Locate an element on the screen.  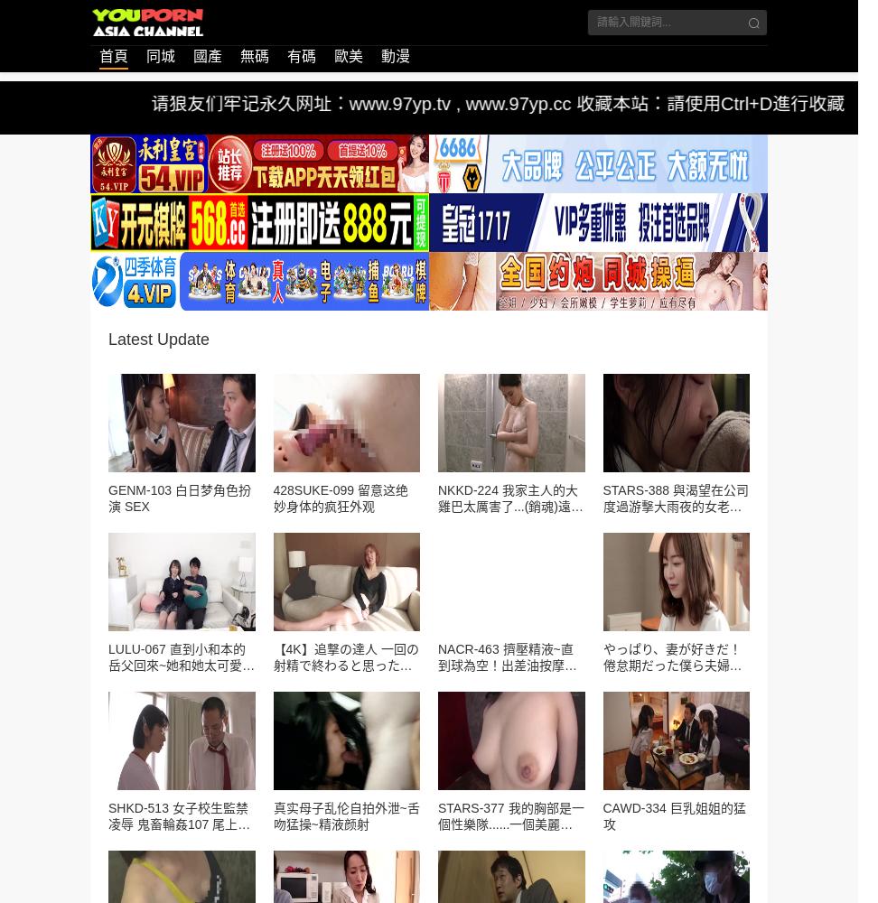
'要问清蒸阳澄湖大闸蟹要蒸多久的久最佳时间话,一般建议15到20分钟即可,首先我们要将大闸蟹用刷子清洗干净,从蟹背到蟹钳,然后将清洗干净的大闸蟹冷水下锅,一定。' is located at coordinates (297, 529).